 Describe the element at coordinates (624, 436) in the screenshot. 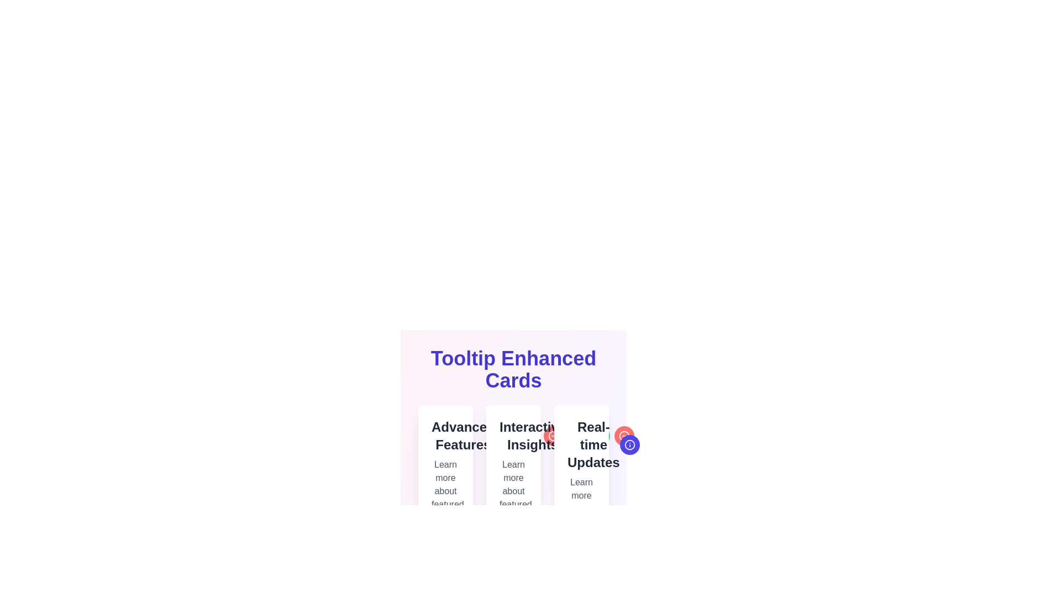

I see `the circular red button with a white minus icon to trigger the hover effect` at that location.